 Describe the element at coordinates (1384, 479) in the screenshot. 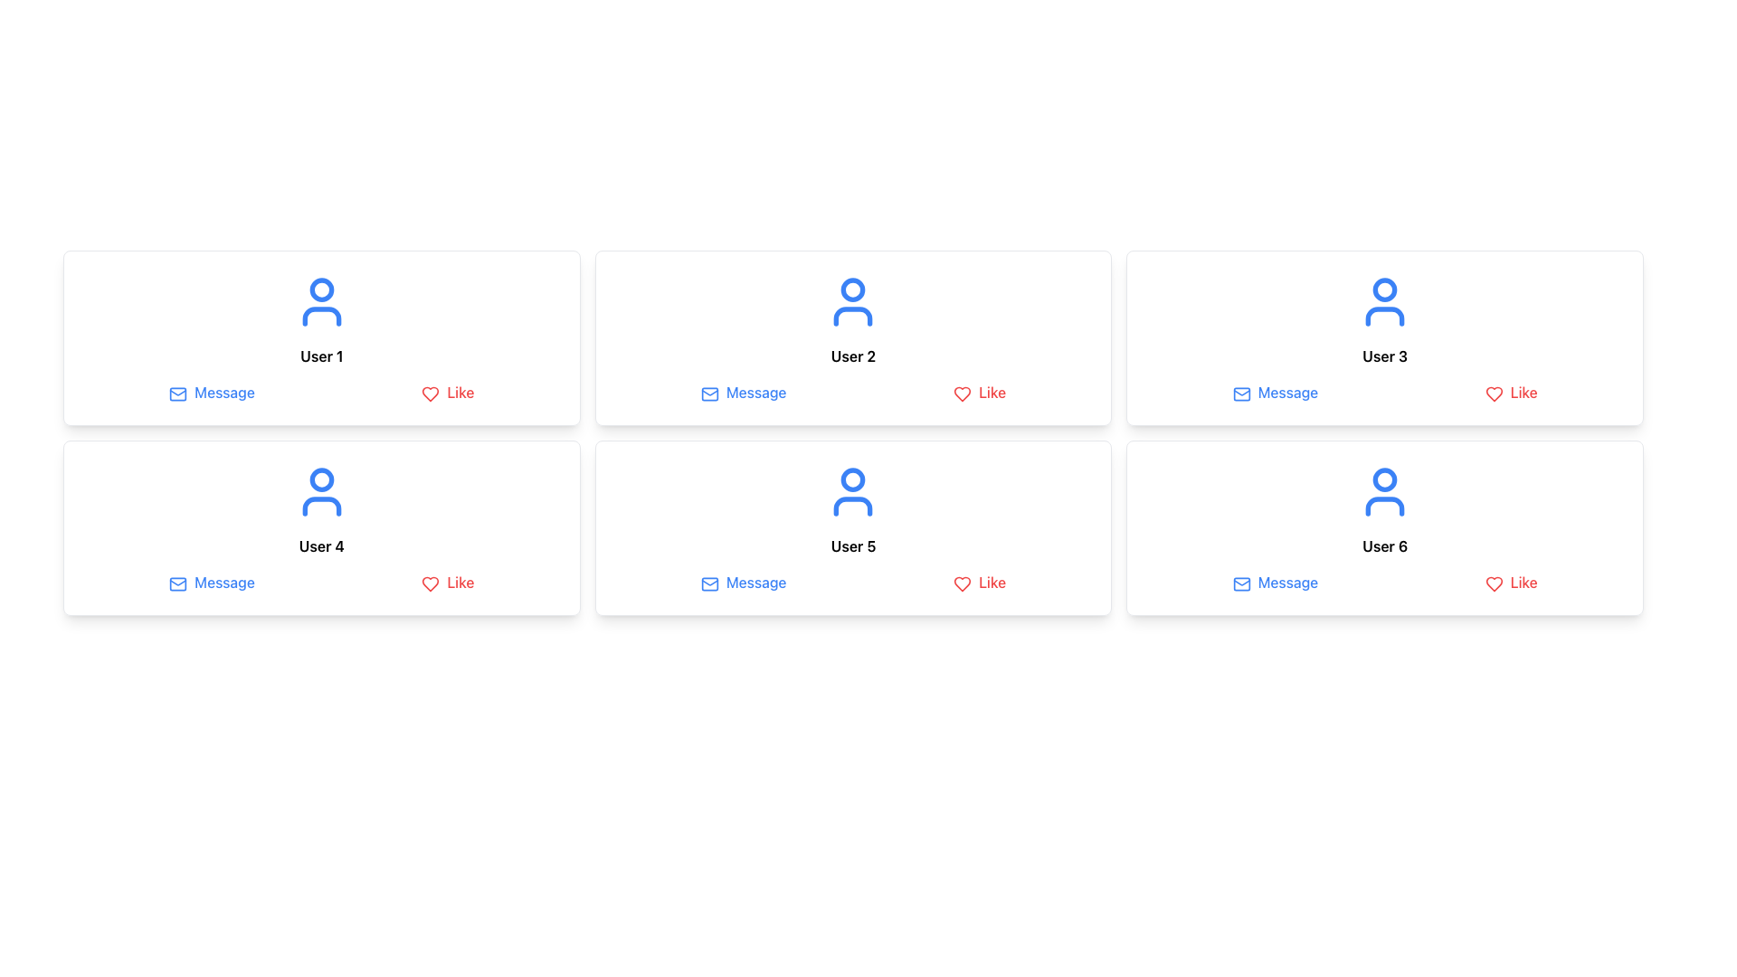

I see `the circular SVG element representing the user's head in the user icon, located above the username 'User 6' and between the 'Message' and 'Like' buttons` at that location.